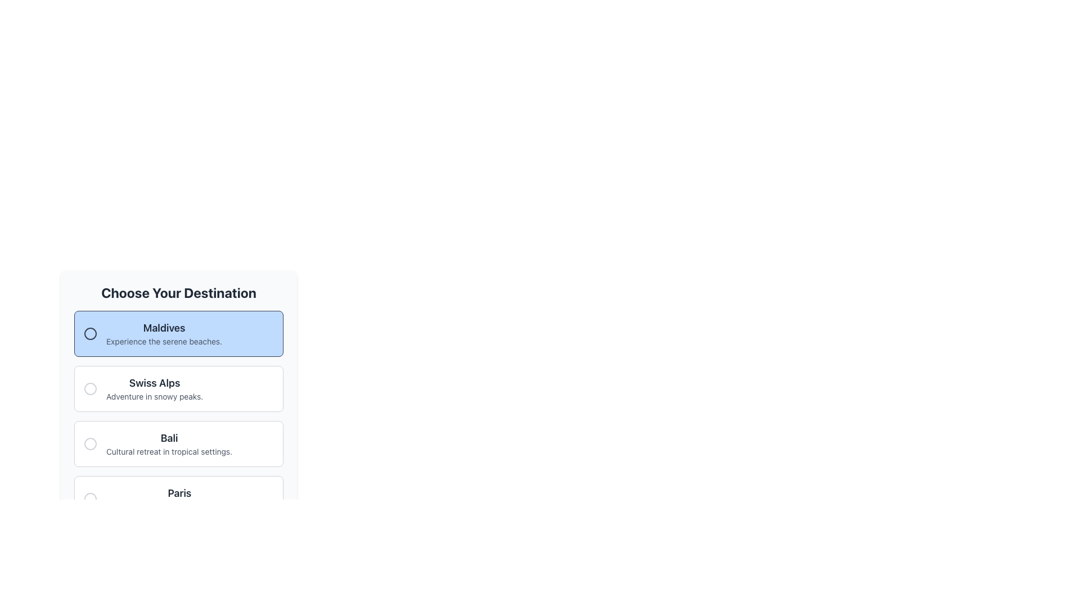 The height and width of the screenshot is (607, 1080). I want to click on the appearance of the non-interactive SVG circle element located to the left of the 'Swiss Alps' option in the selectable list, so click(91, 388).